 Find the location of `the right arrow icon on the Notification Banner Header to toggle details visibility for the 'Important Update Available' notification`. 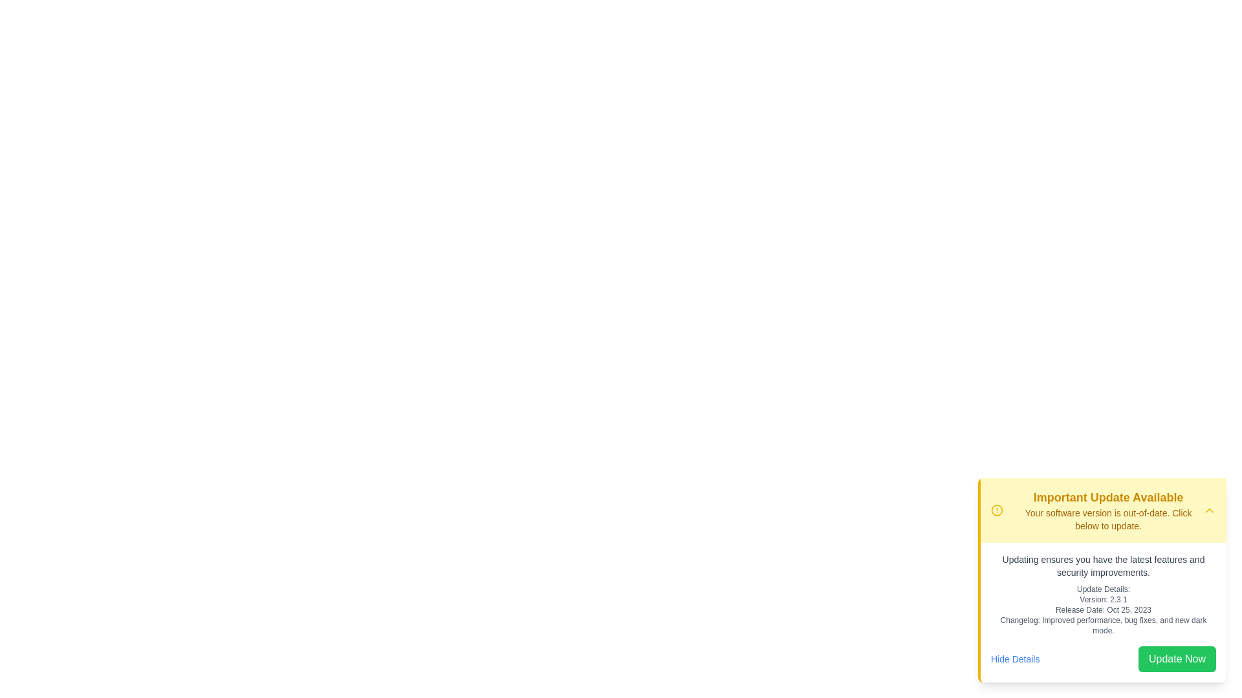

the right arrow icon on the Notification Banner Header to toggle details visibility for the 'Important Update Available' notification is located at coordinates (1102, 510).